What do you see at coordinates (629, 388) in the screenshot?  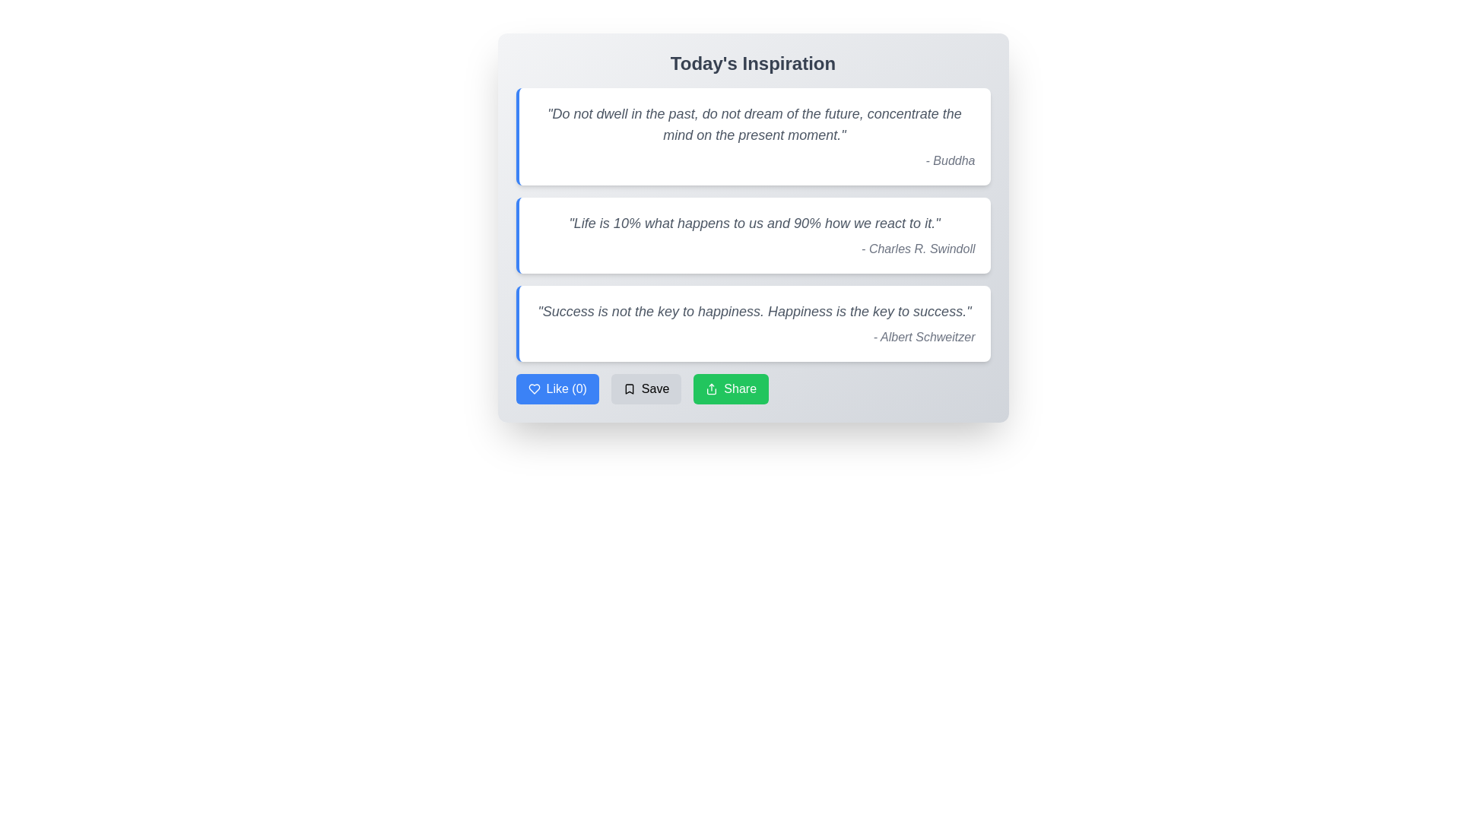 I see `the 'Save' button which contains the decorative icon on its left side, located in the bottom panel of the interface` at bounding box center [629, 388].